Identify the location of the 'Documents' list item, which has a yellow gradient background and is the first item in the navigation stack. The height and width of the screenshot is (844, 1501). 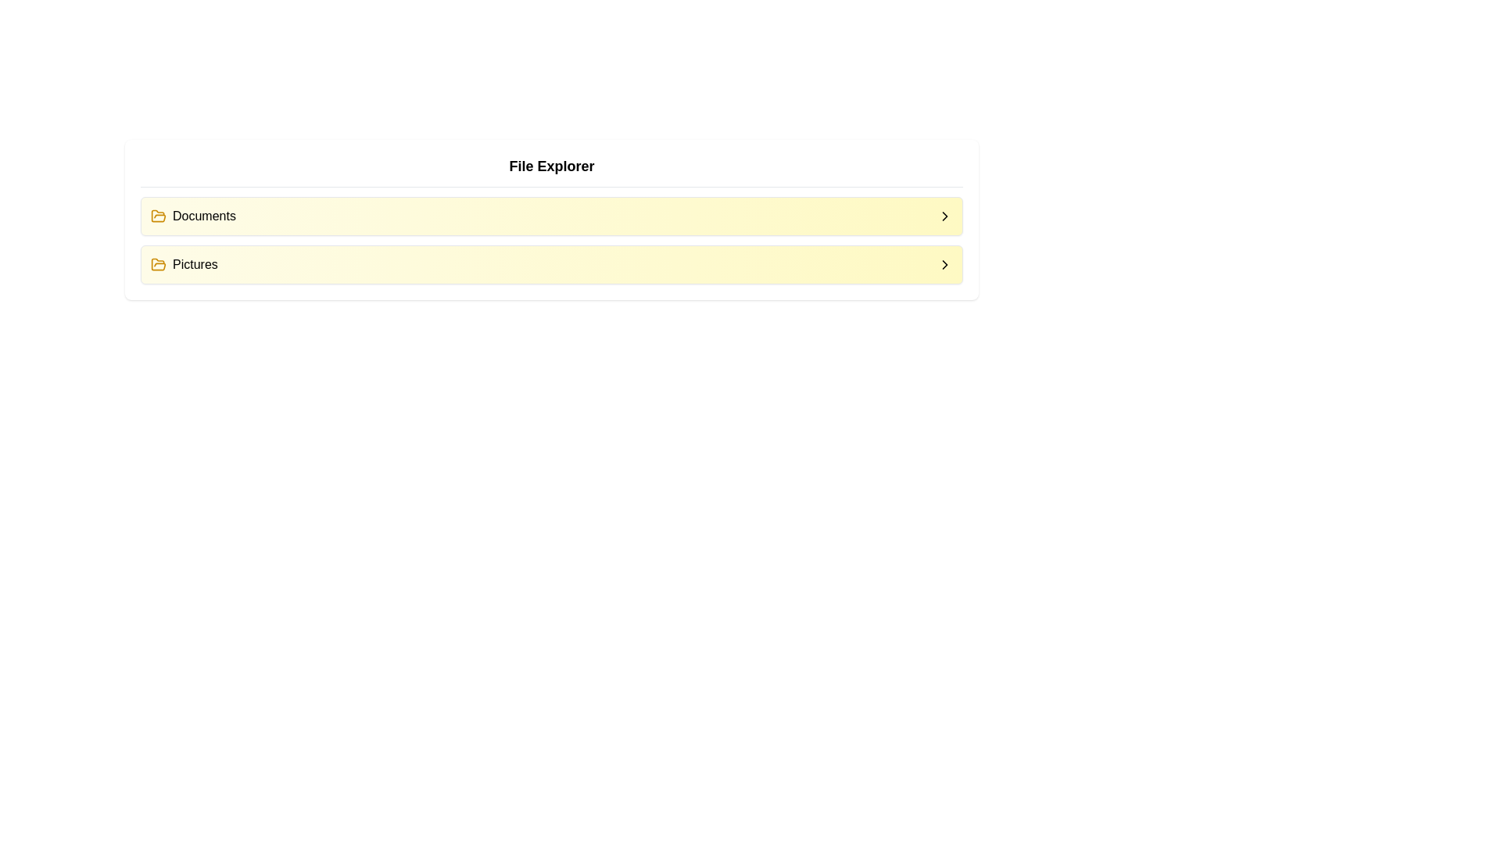
(551, 216).